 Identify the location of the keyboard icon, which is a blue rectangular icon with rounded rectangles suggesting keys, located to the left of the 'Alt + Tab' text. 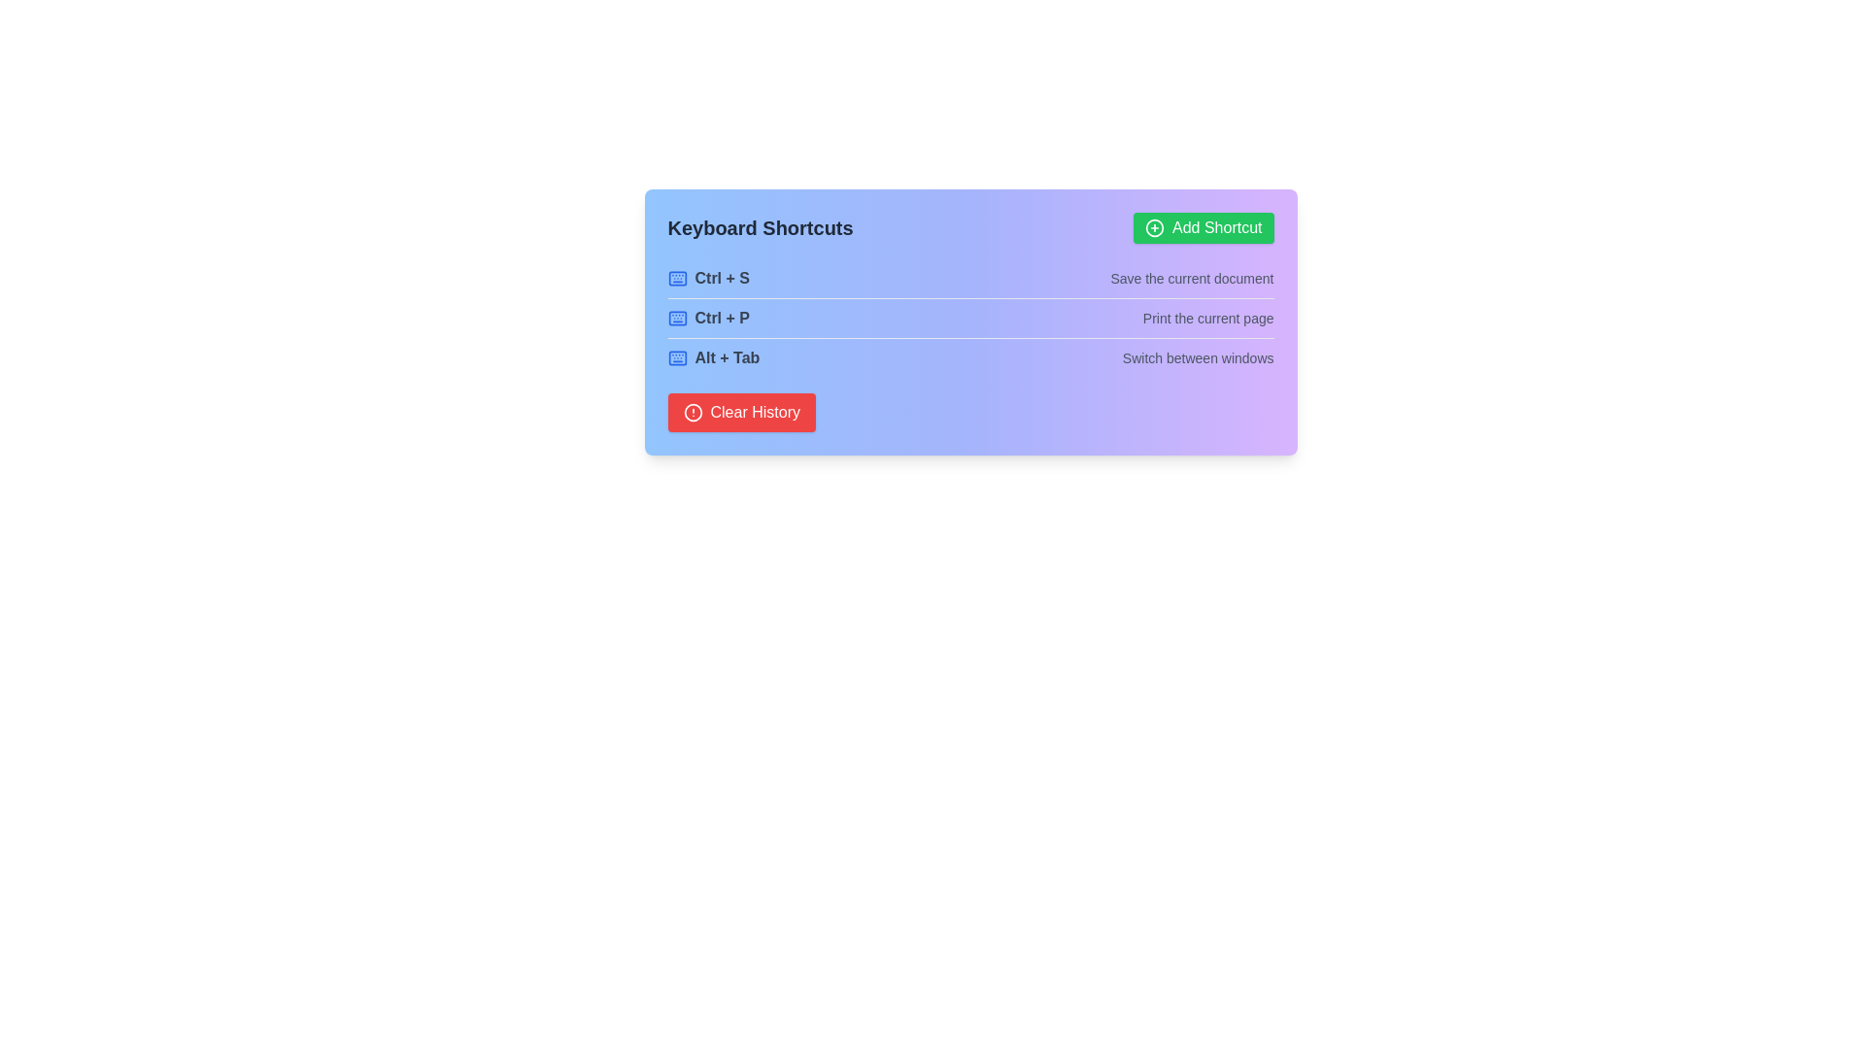
(677, 358).